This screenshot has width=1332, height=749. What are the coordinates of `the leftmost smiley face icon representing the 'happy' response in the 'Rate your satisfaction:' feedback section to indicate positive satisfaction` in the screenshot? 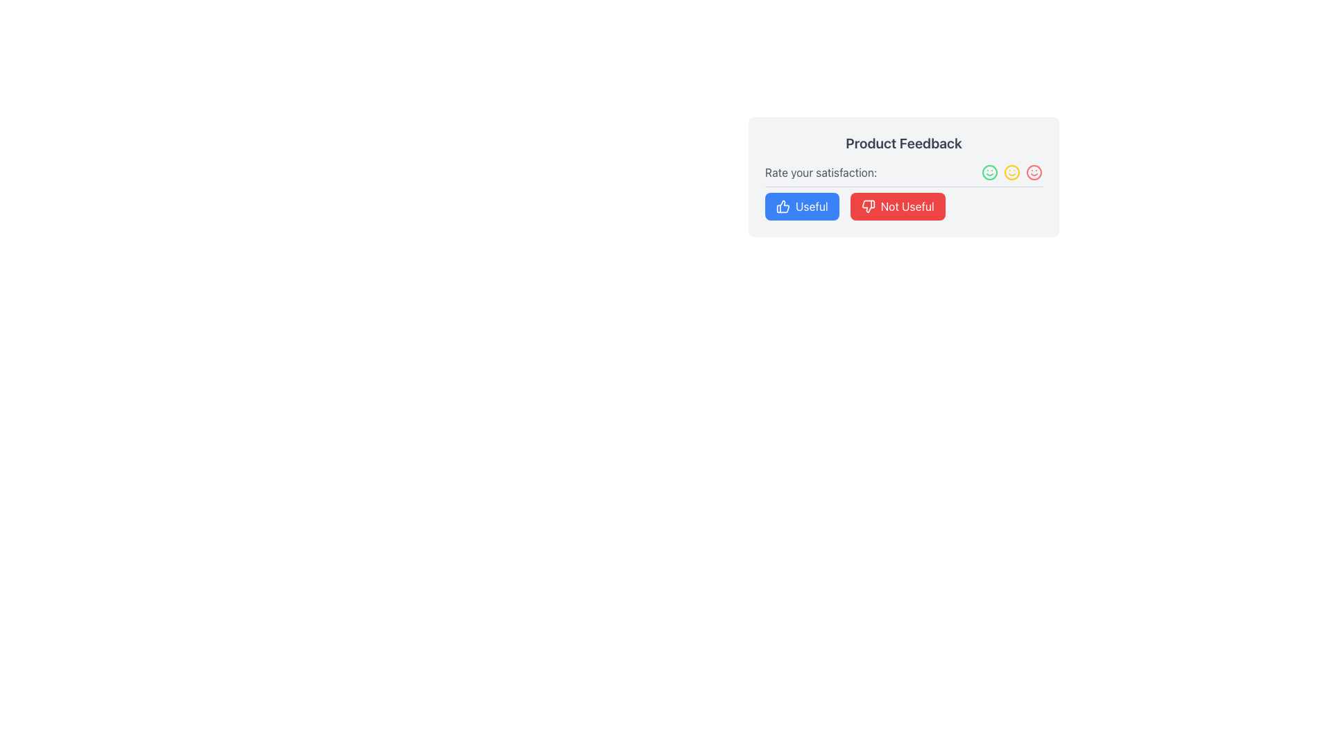 It's located at (989, 172).